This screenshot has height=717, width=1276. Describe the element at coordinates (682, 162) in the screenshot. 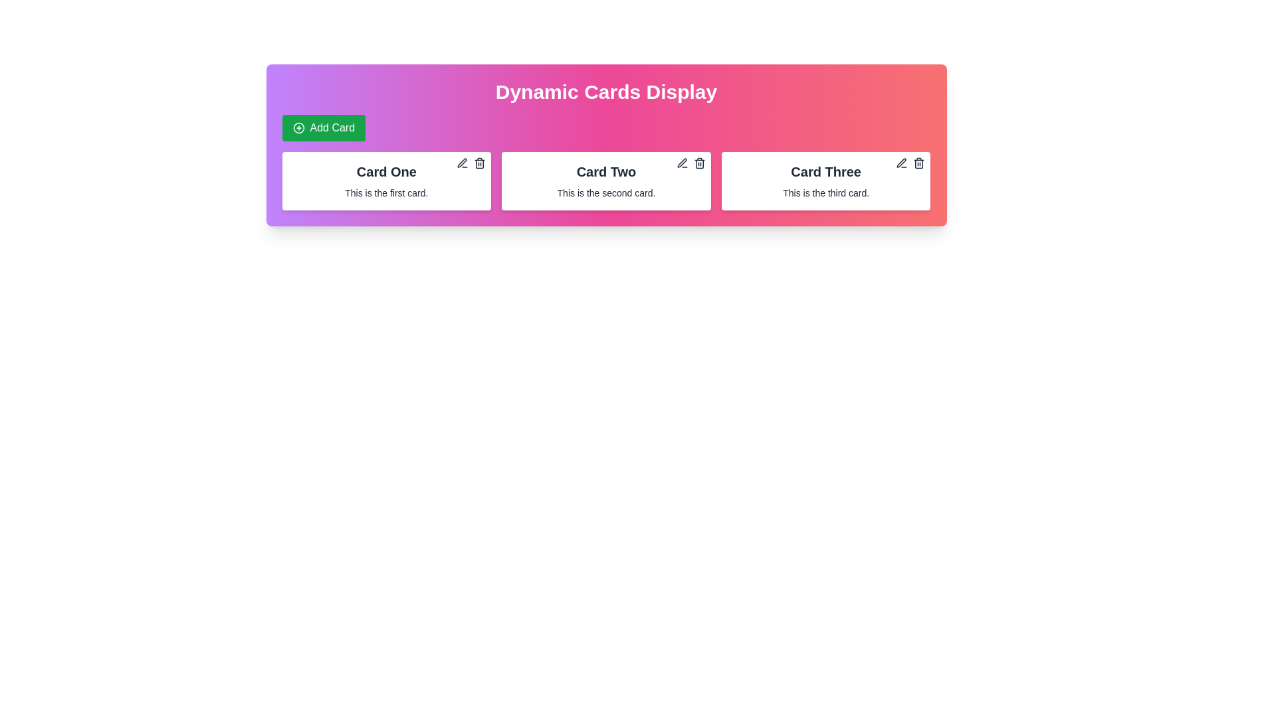

I see `the edit icon button located at the top-right edge of the 'Card Two' section to initiate editing the card` at that location.